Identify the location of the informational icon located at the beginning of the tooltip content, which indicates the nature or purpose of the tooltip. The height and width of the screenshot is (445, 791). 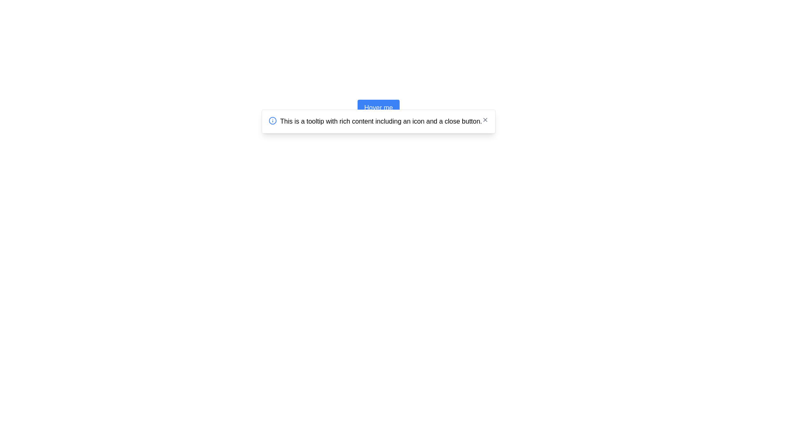
(273, 121).